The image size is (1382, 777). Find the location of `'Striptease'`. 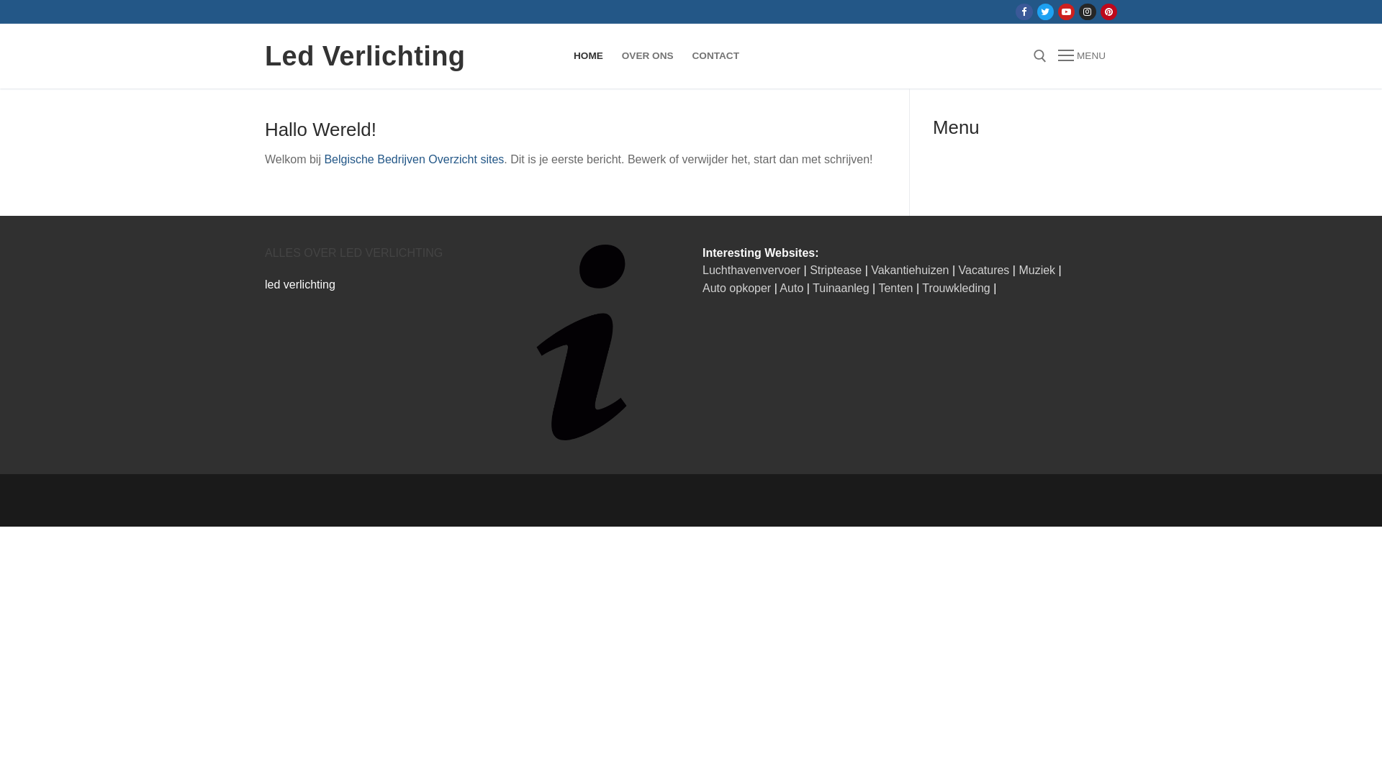

'Striptease' is located at coordinates (836, 270).